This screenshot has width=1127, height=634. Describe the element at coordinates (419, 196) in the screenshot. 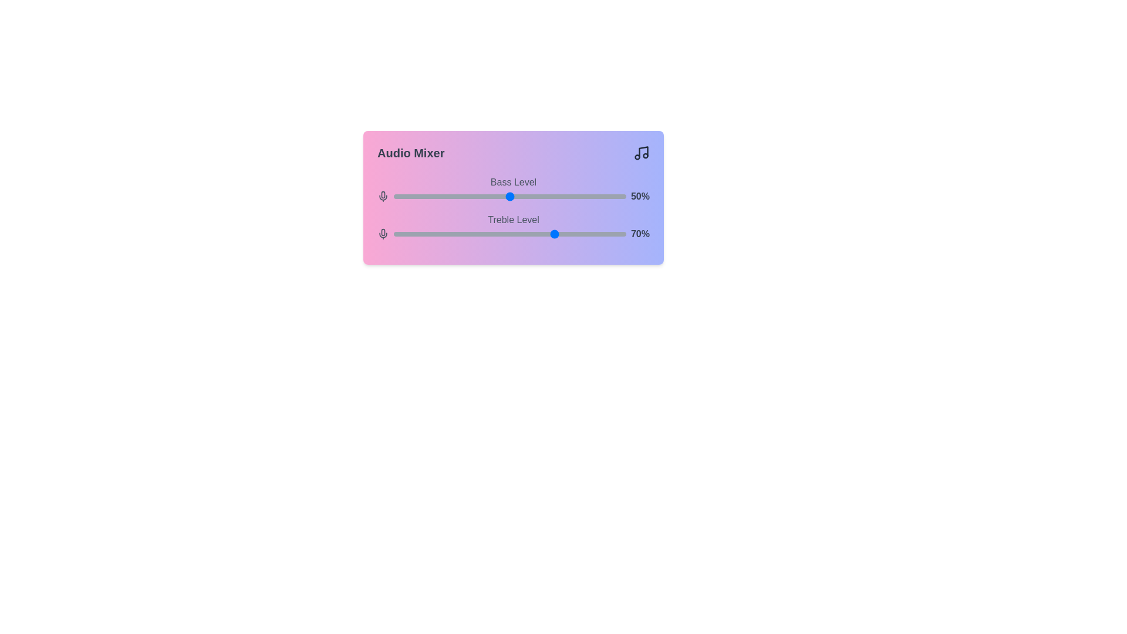

I see `the 0 slider to 11%` at that location.